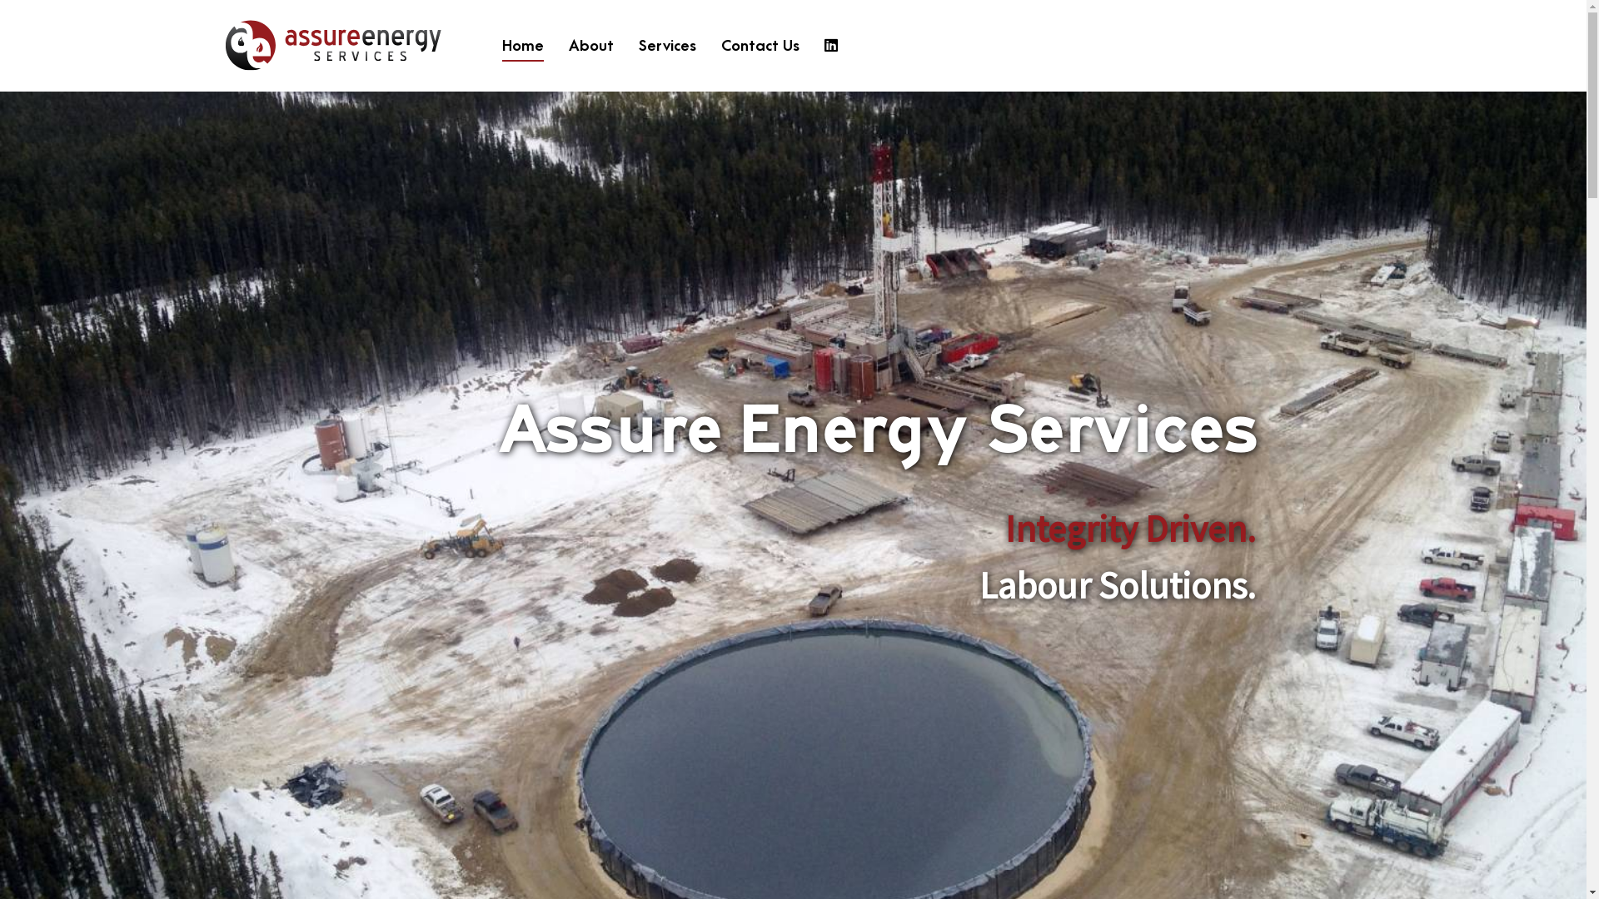 This screenshot has height=899, width=1599. I want to click on 'About', so click(568, 45).